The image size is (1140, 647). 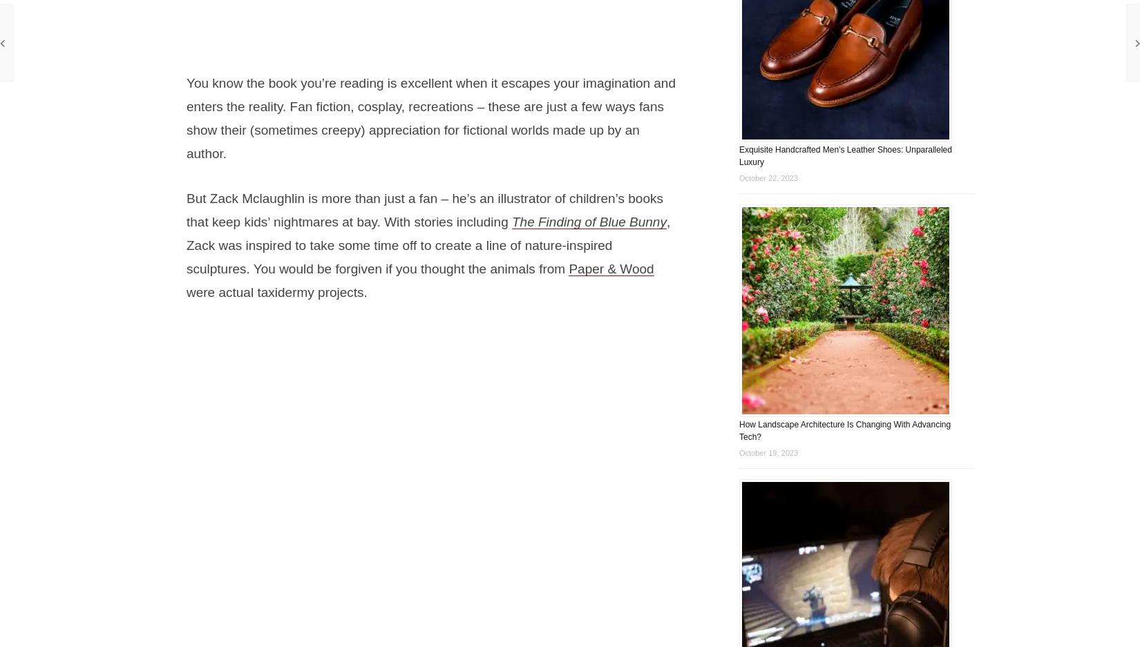 What do you see at coordinates (430, 117) in the screenshot?
I see `'You know the book you’re reading is excellent when it escapes your imagination and enters the reality. Fan fiction, cosplay, recreations – these are just a few ways fans show their (sometimes creepy) appreciation for fictional worlds made up by an author.'` at bounding box center [430, 117].